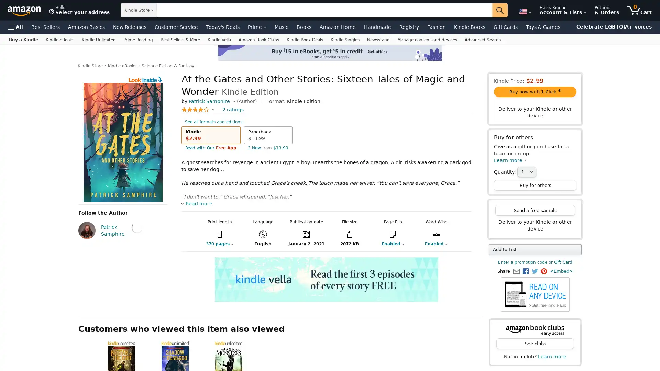 The image size is (660, 371). Describe the element at coordinates (432, 243) in the screenshot. I see `Enabled` at that location.